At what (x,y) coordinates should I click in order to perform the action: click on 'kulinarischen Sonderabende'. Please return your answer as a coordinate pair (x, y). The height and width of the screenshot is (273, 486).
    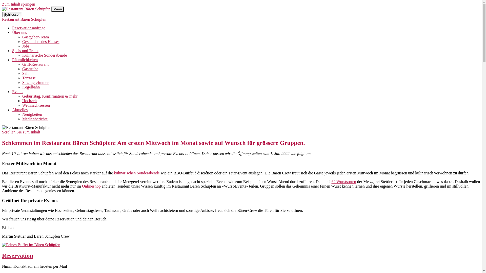
    Looking at the image, I should click on (137, 173).